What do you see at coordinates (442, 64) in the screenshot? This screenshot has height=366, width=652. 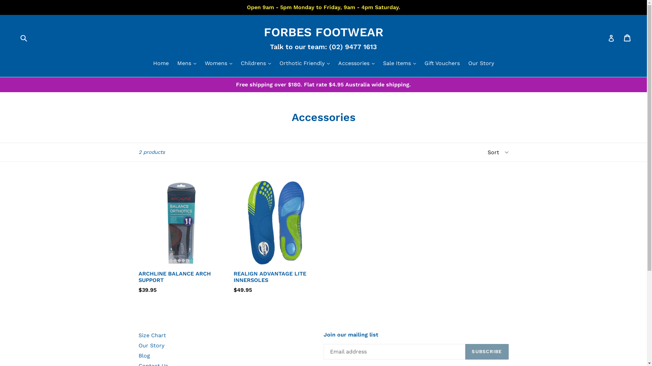 I see `'Gift Vouchers'` at bounding box center [442, 64].